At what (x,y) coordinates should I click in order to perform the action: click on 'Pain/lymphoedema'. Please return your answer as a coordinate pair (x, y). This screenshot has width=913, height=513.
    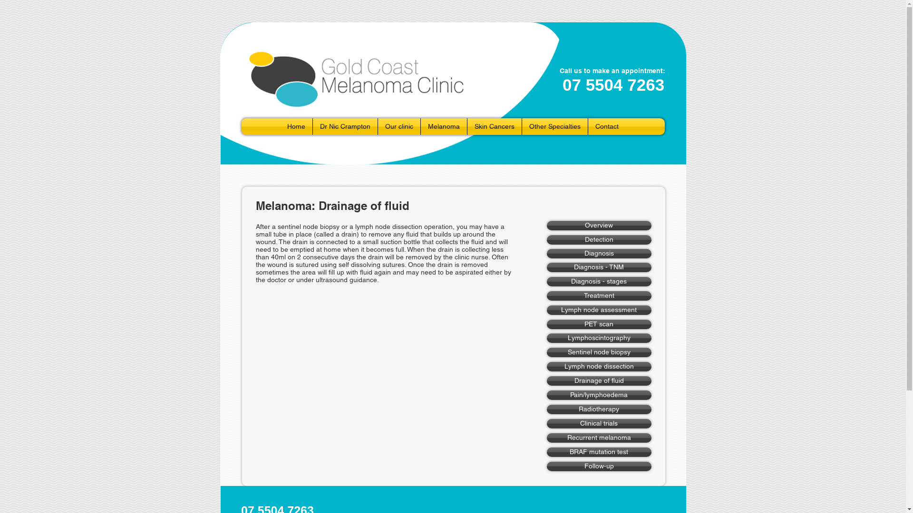
    Looking at the image, I should click on (547, 395).